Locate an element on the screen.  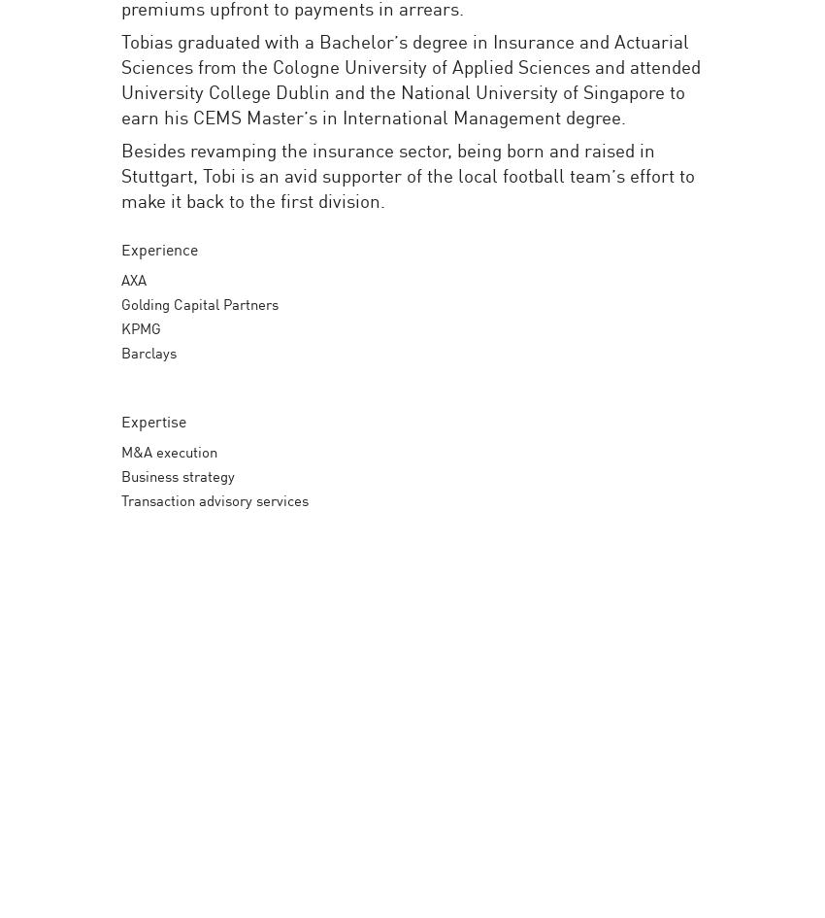
'Transaction advisory services' is located at coordinates (214, 498).